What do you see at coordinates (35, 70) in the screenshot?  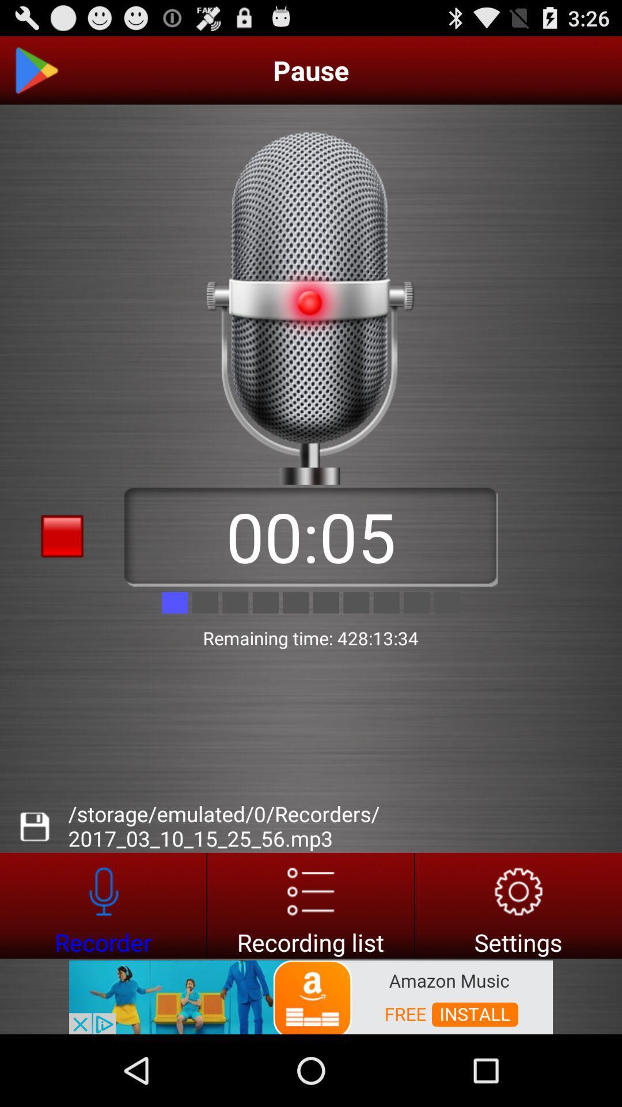 I see `pause button` at bounding box center [35, 70].